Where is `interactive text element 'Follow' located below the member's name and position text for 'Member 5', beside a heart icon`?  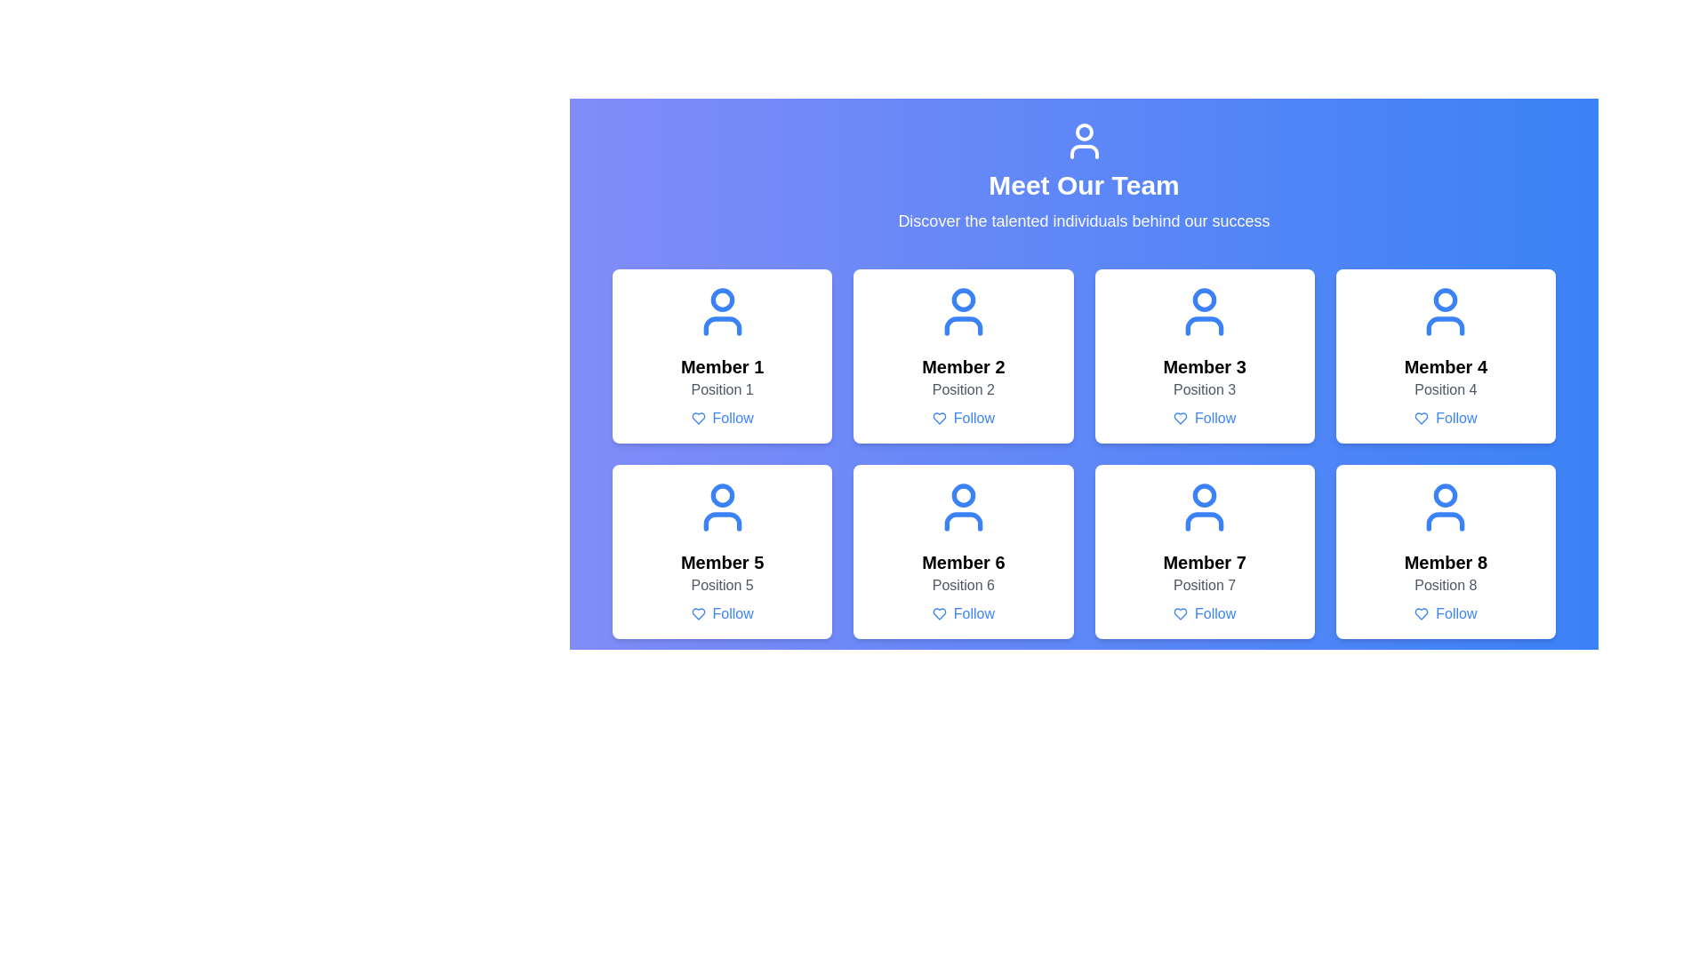 interactive text element 'Follow' located below the member's name and position text for 'Member 5', beside a heart icon is located at coordinates (733, 612).